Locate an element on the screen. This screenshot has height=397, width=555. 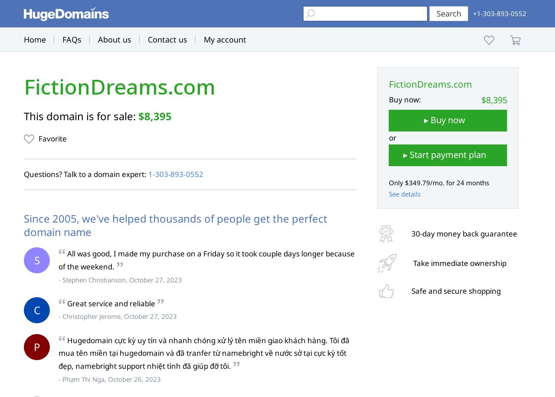
'Questions? Talk to a domain expert:' is located at coordinates (86, 174).